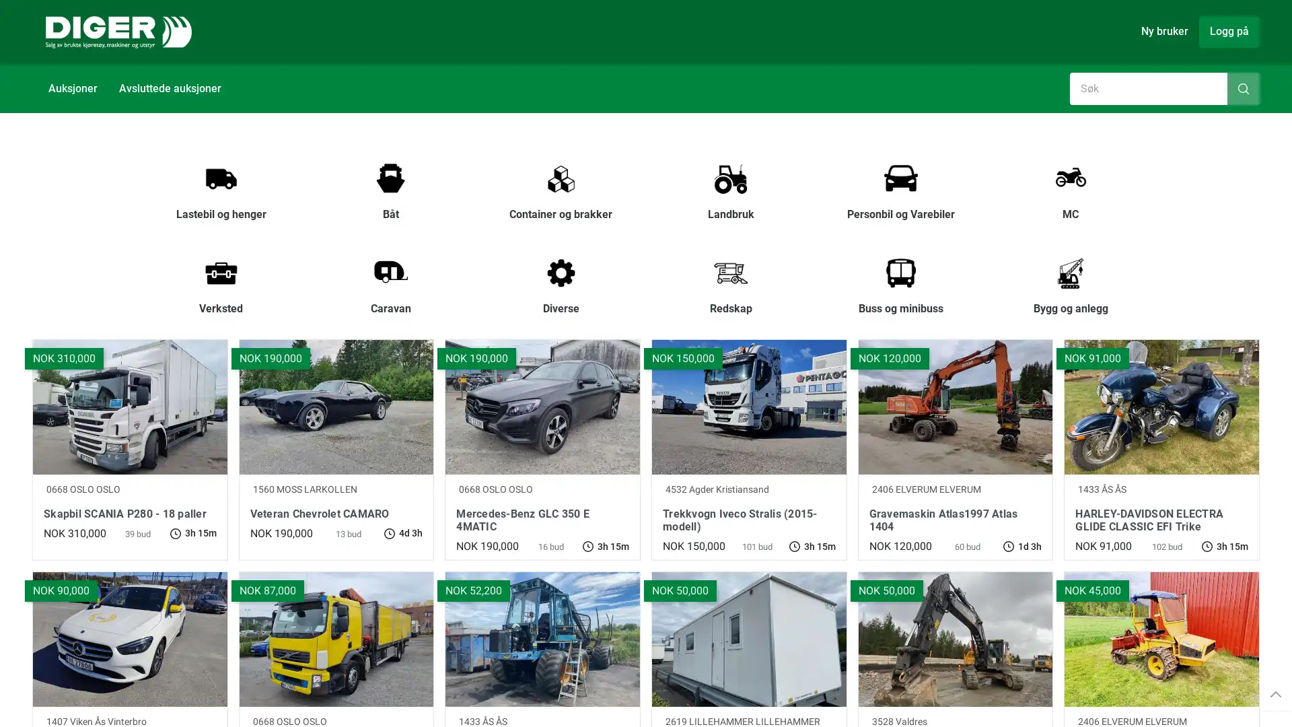  What do you see at coordinates (1229, 30) in the screenshot?
I see `Logg pa` at bounding box center [1229, 30].